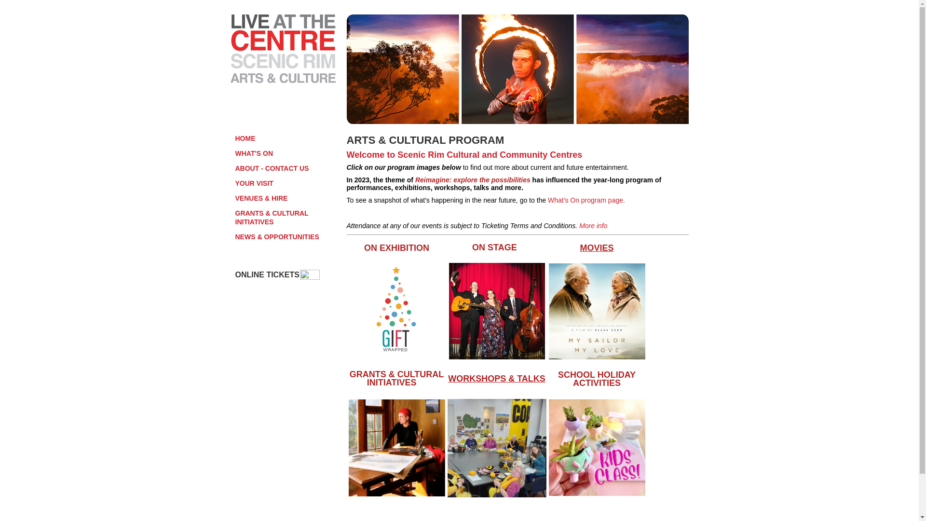 The image size is (926, 521). What do you see at coordinates (585, 200) in the screenshot?
I see `'What's On program page'` at bounding box center [585, 200].